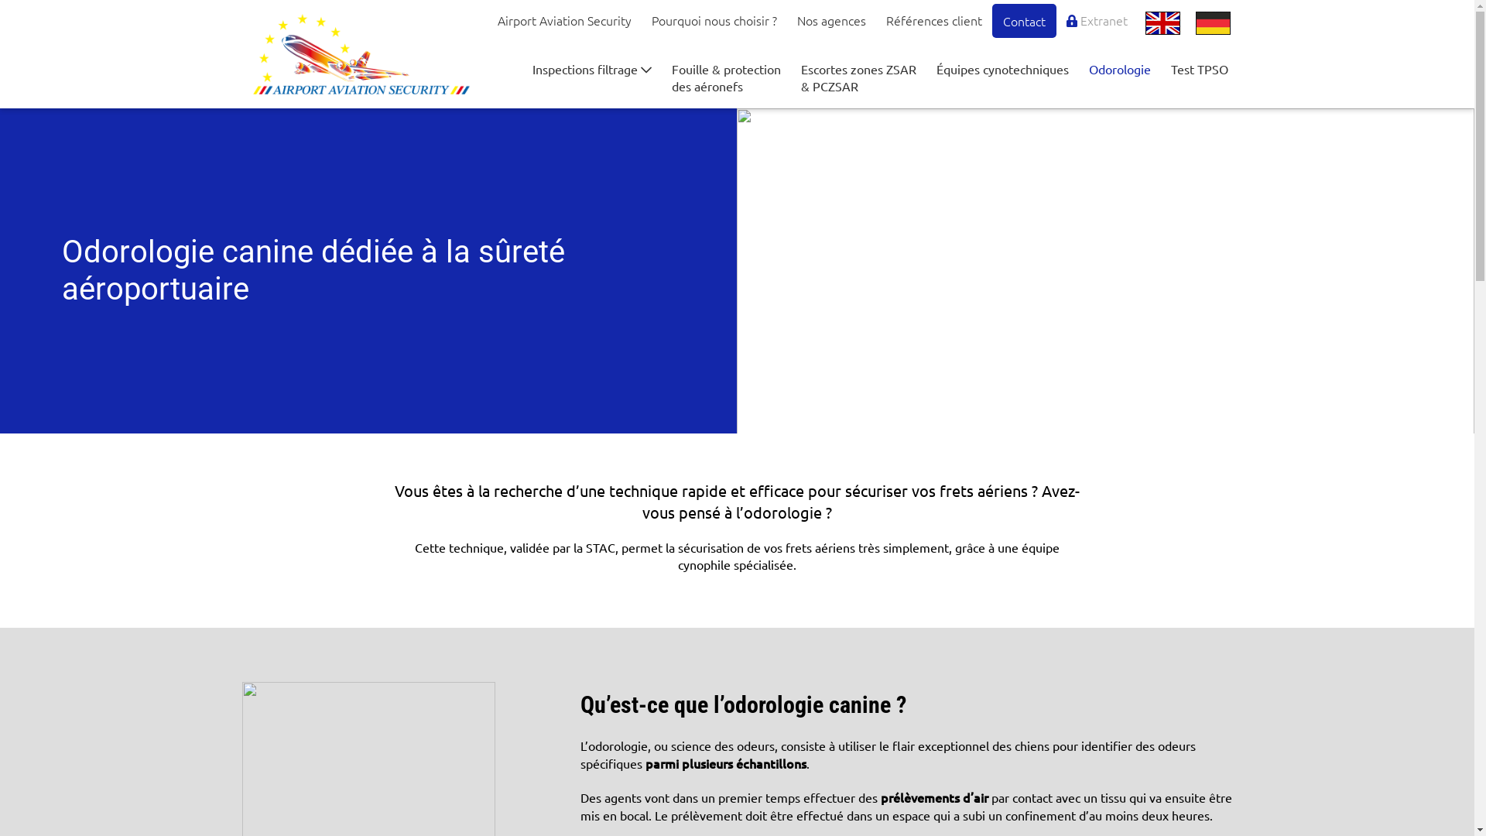  What do you see at coordinates (1199, 67) in the screenshot?
I see `'Test TPSO'` at bounding box center [1199, 67].